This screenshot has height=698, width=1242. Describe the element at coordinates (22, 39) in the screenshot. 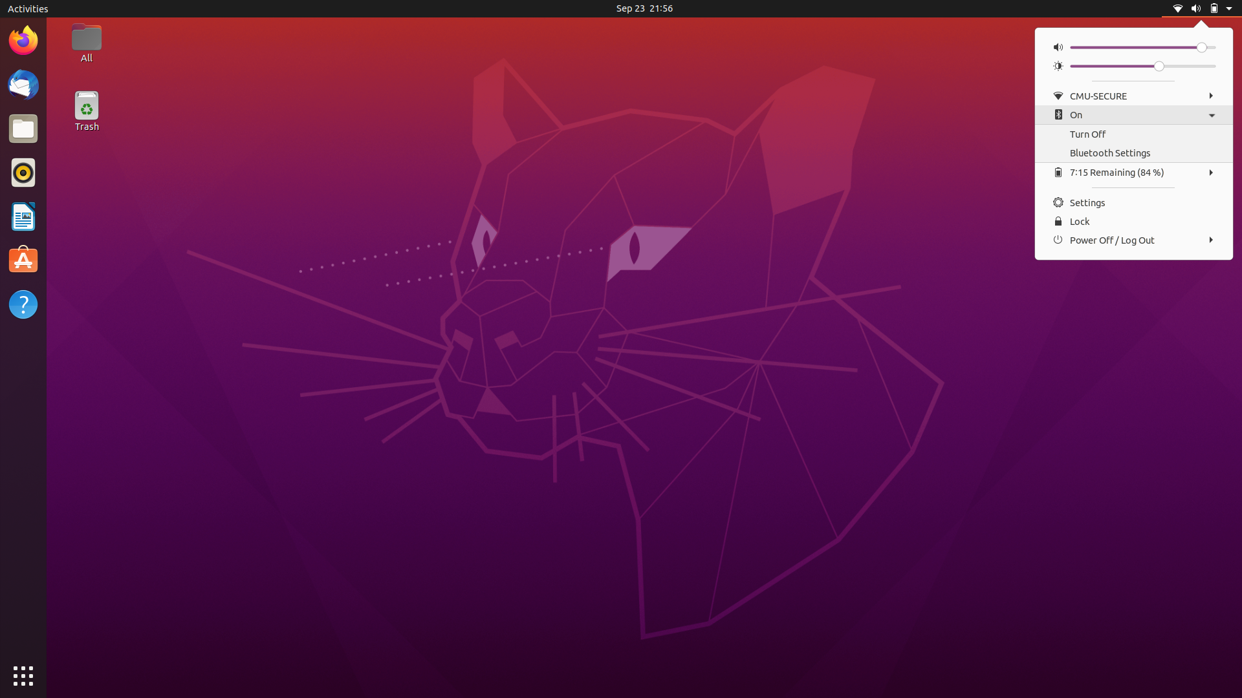

I see `Firefox Application` at that location.